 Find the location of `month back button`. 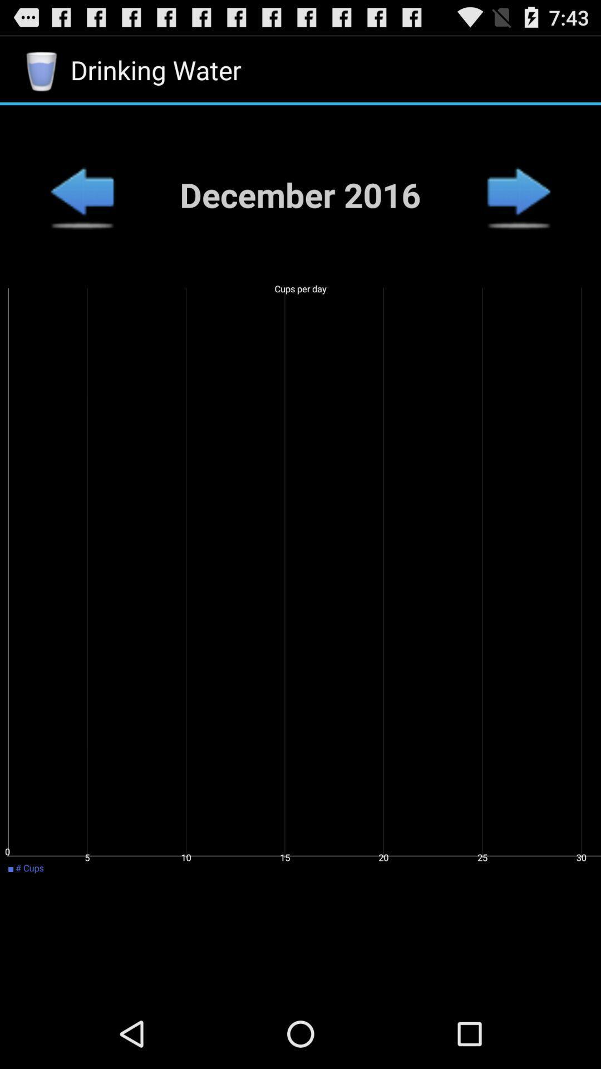

month back button is located at coordinates (81, 194).